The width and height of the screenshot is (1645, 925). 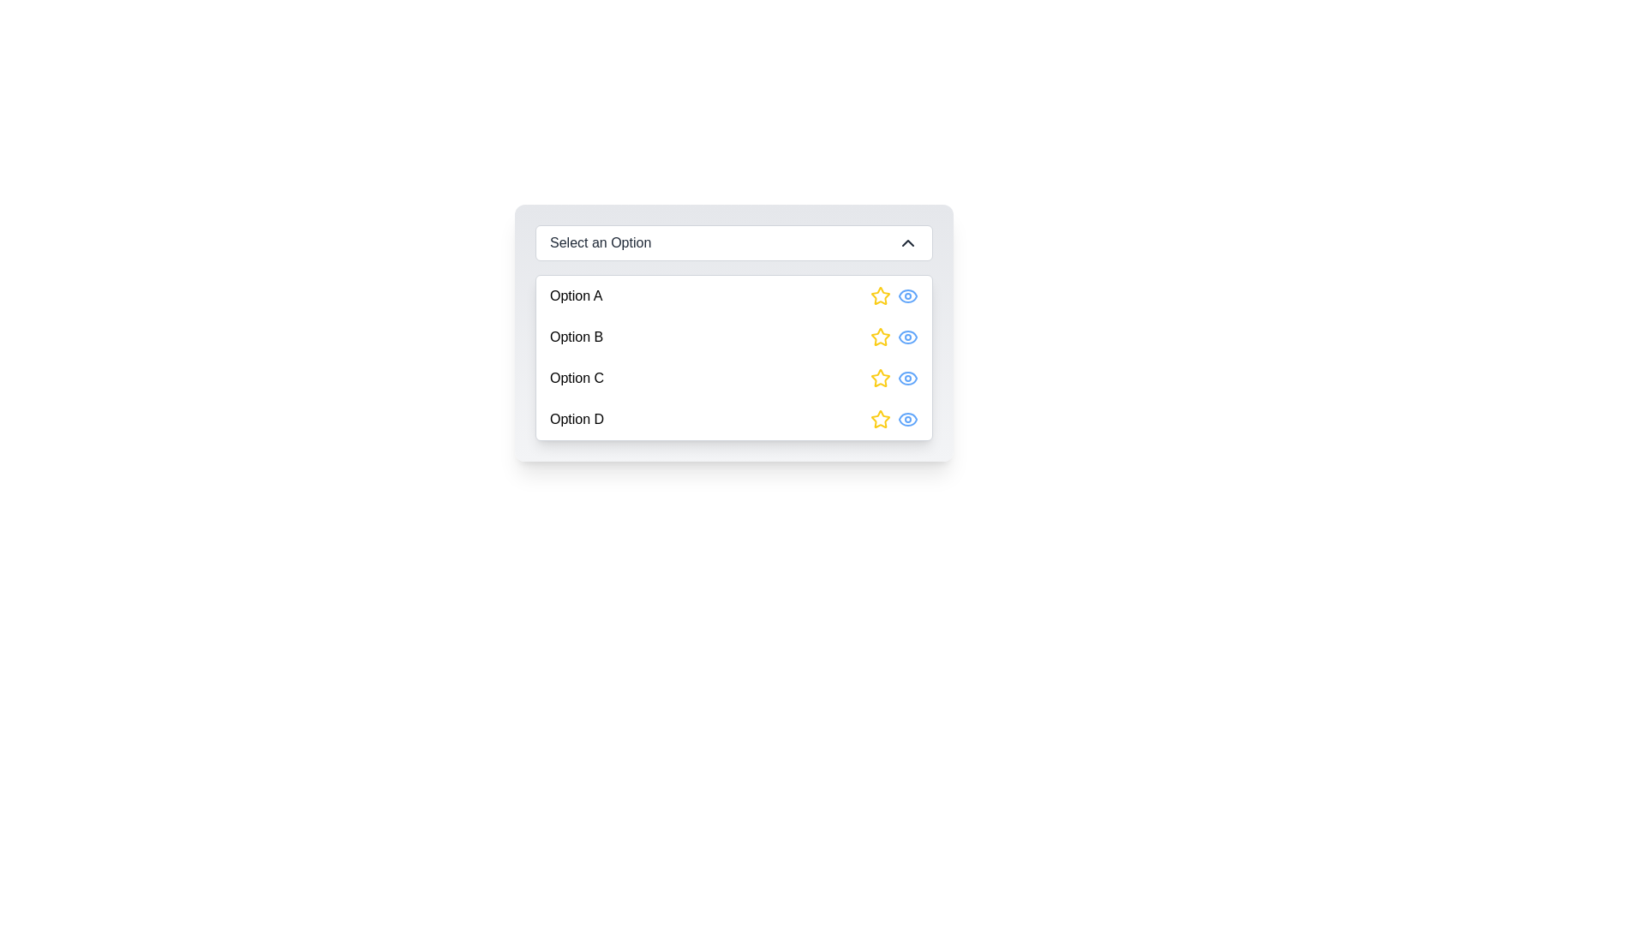 What do you see at coordinates (577, 419) in the screenshot?
I see `text label displaying 'Option D' which is the last item in the dropdown menu` at bounding box center [577, 419].